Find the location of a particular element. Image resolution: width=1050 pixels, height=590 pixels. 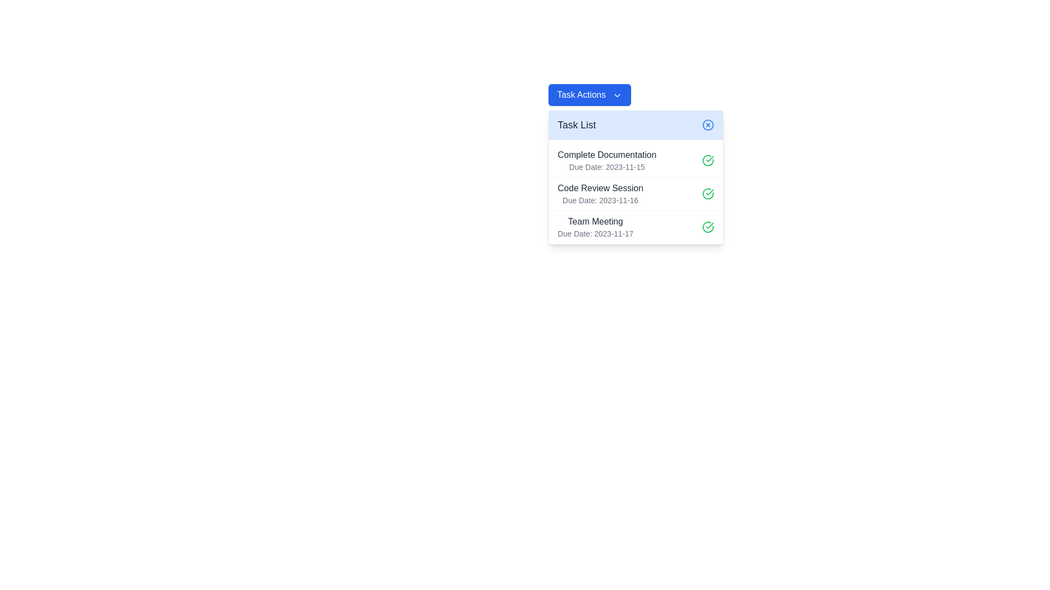

the 'Code Review Session' text label, which is displayed in medium-dark gray font within the task list interface, positioned between 'Complete Documentation' and 'Team Meeting' is located at coordinates (600, 187).